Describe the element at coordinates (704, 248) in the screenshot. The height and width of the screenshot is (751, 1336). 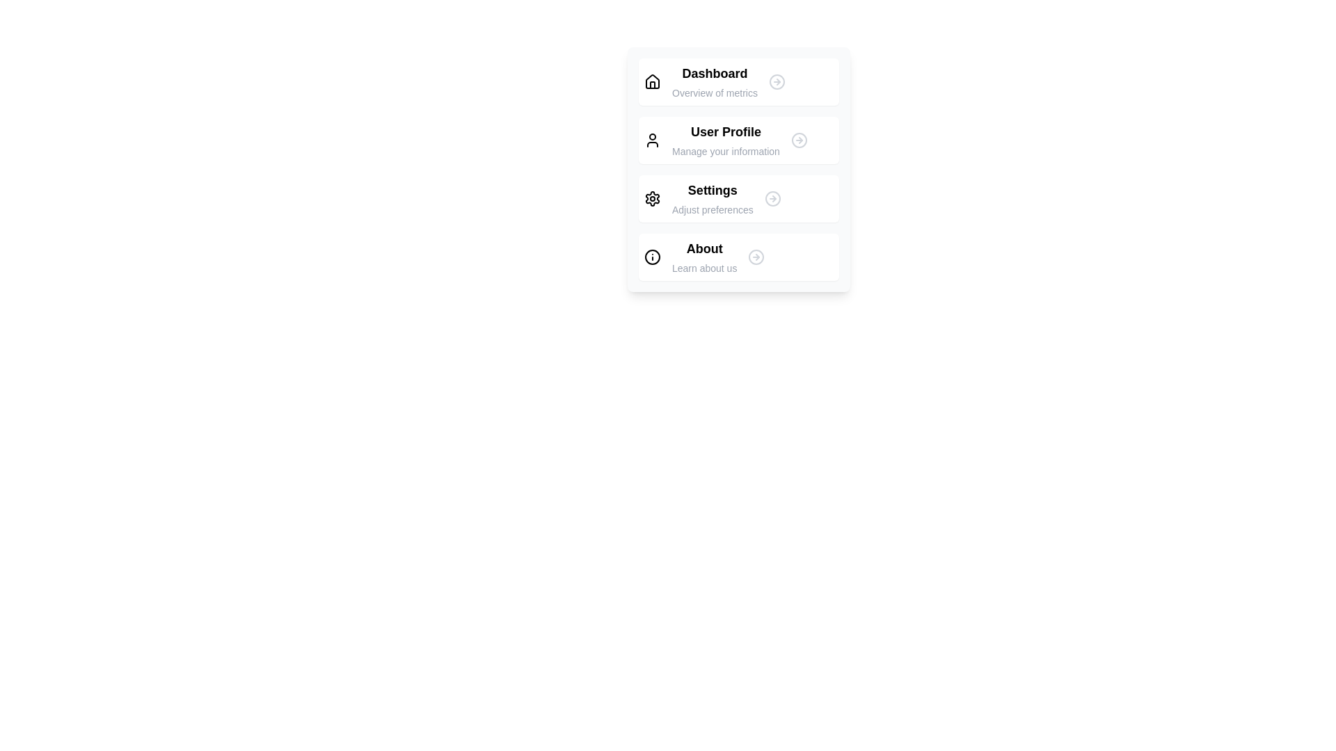
I see `the bold, black 'About' text label located in the bottom-most group of the menu, positioned directly above the 'Learn about us' text` at that location.